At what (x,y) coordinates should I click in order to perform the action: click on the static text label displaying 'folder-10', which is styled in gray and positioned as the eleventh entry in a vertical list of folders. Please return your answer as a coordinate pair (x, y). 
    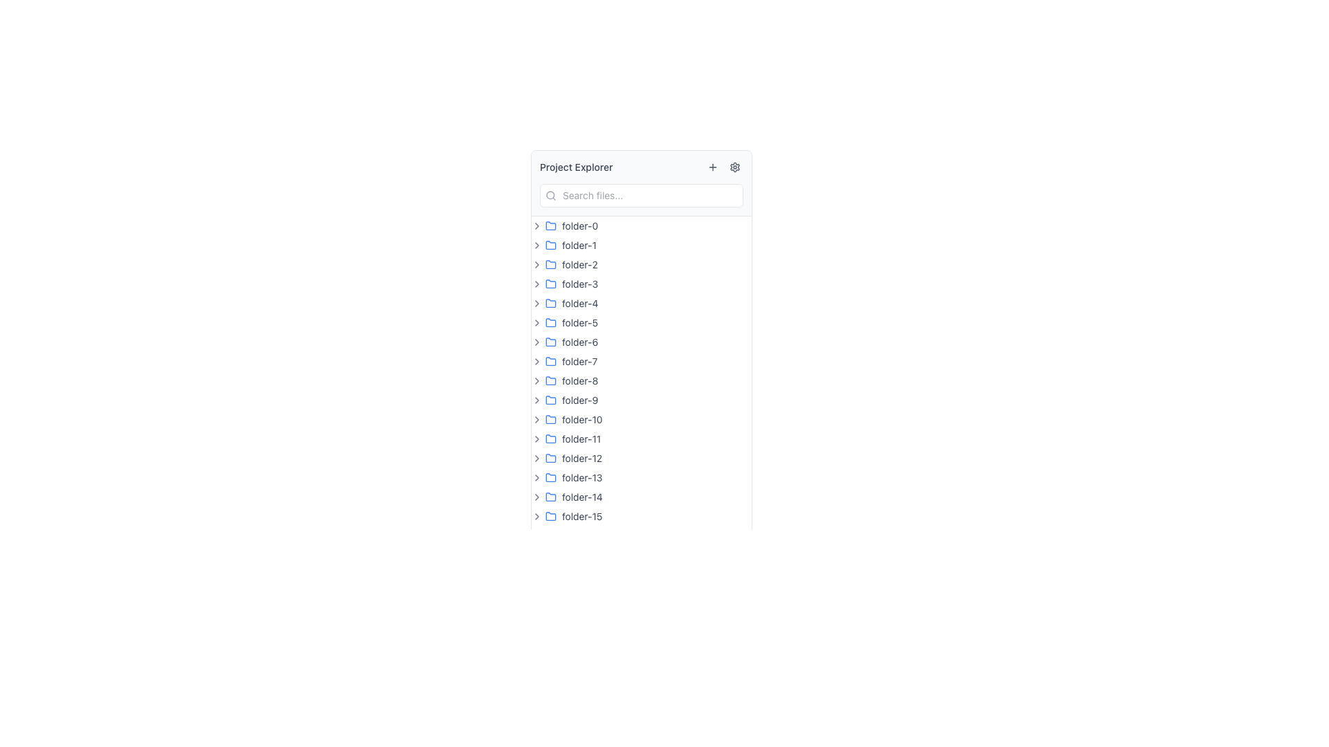
    Looking at the image, I should click on (582, 418).